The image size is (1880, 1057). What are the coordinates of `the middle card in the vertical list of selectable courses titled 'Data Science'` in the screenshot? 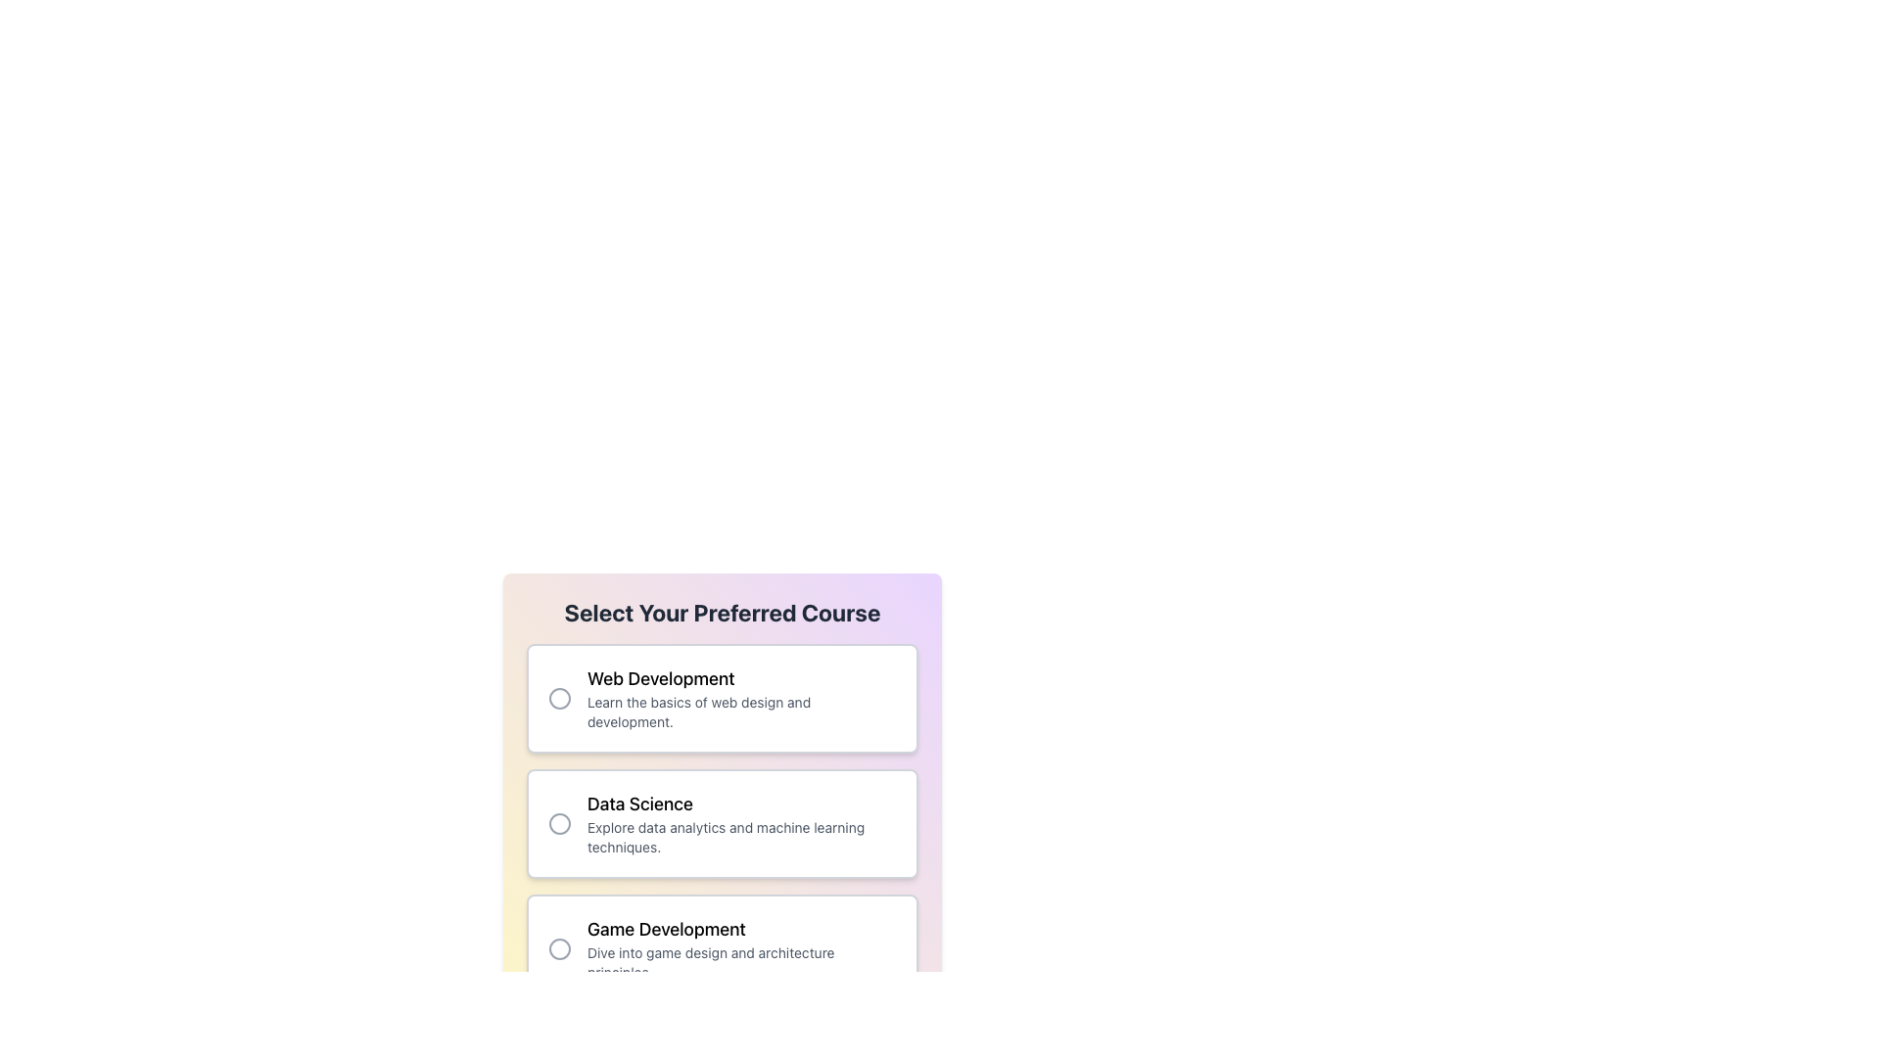 It's located at (722, 759).